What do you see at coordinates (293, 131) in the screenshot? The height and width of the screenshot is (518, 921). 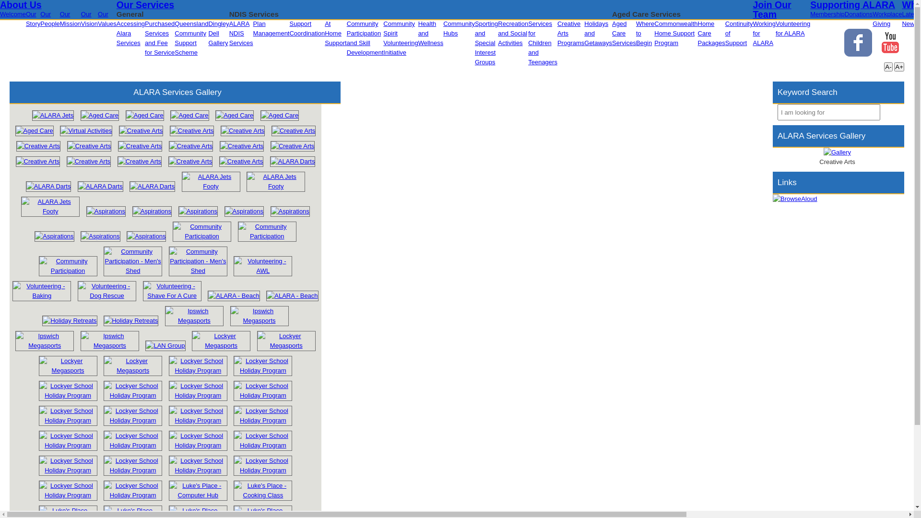 I see `'Creative Arts'` at bounding box center [293, 131].